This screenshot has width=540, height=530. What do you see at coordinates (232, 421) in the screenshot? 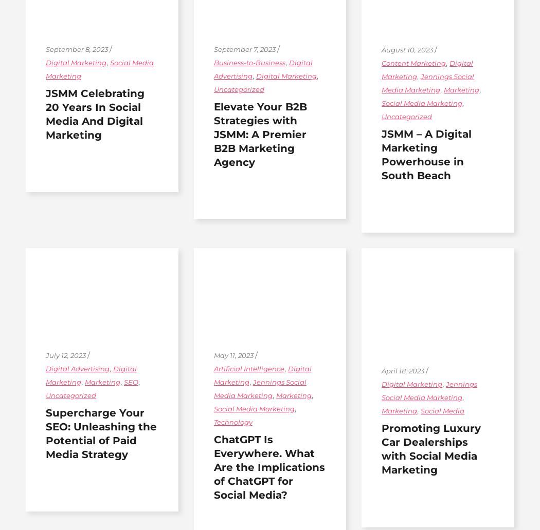
I see `'Technology'` at bounding box center [232, 421].